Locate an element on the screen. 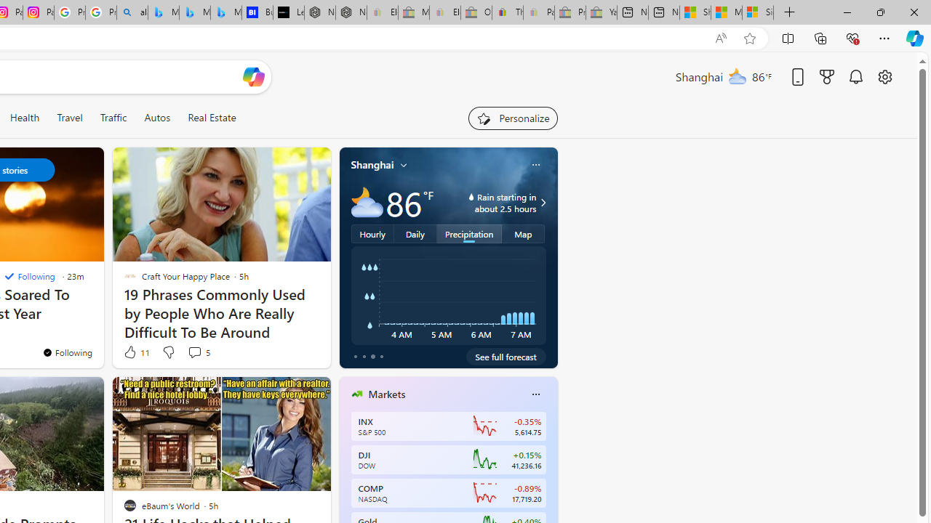  'Markets' is located at coordinates (386, 394).